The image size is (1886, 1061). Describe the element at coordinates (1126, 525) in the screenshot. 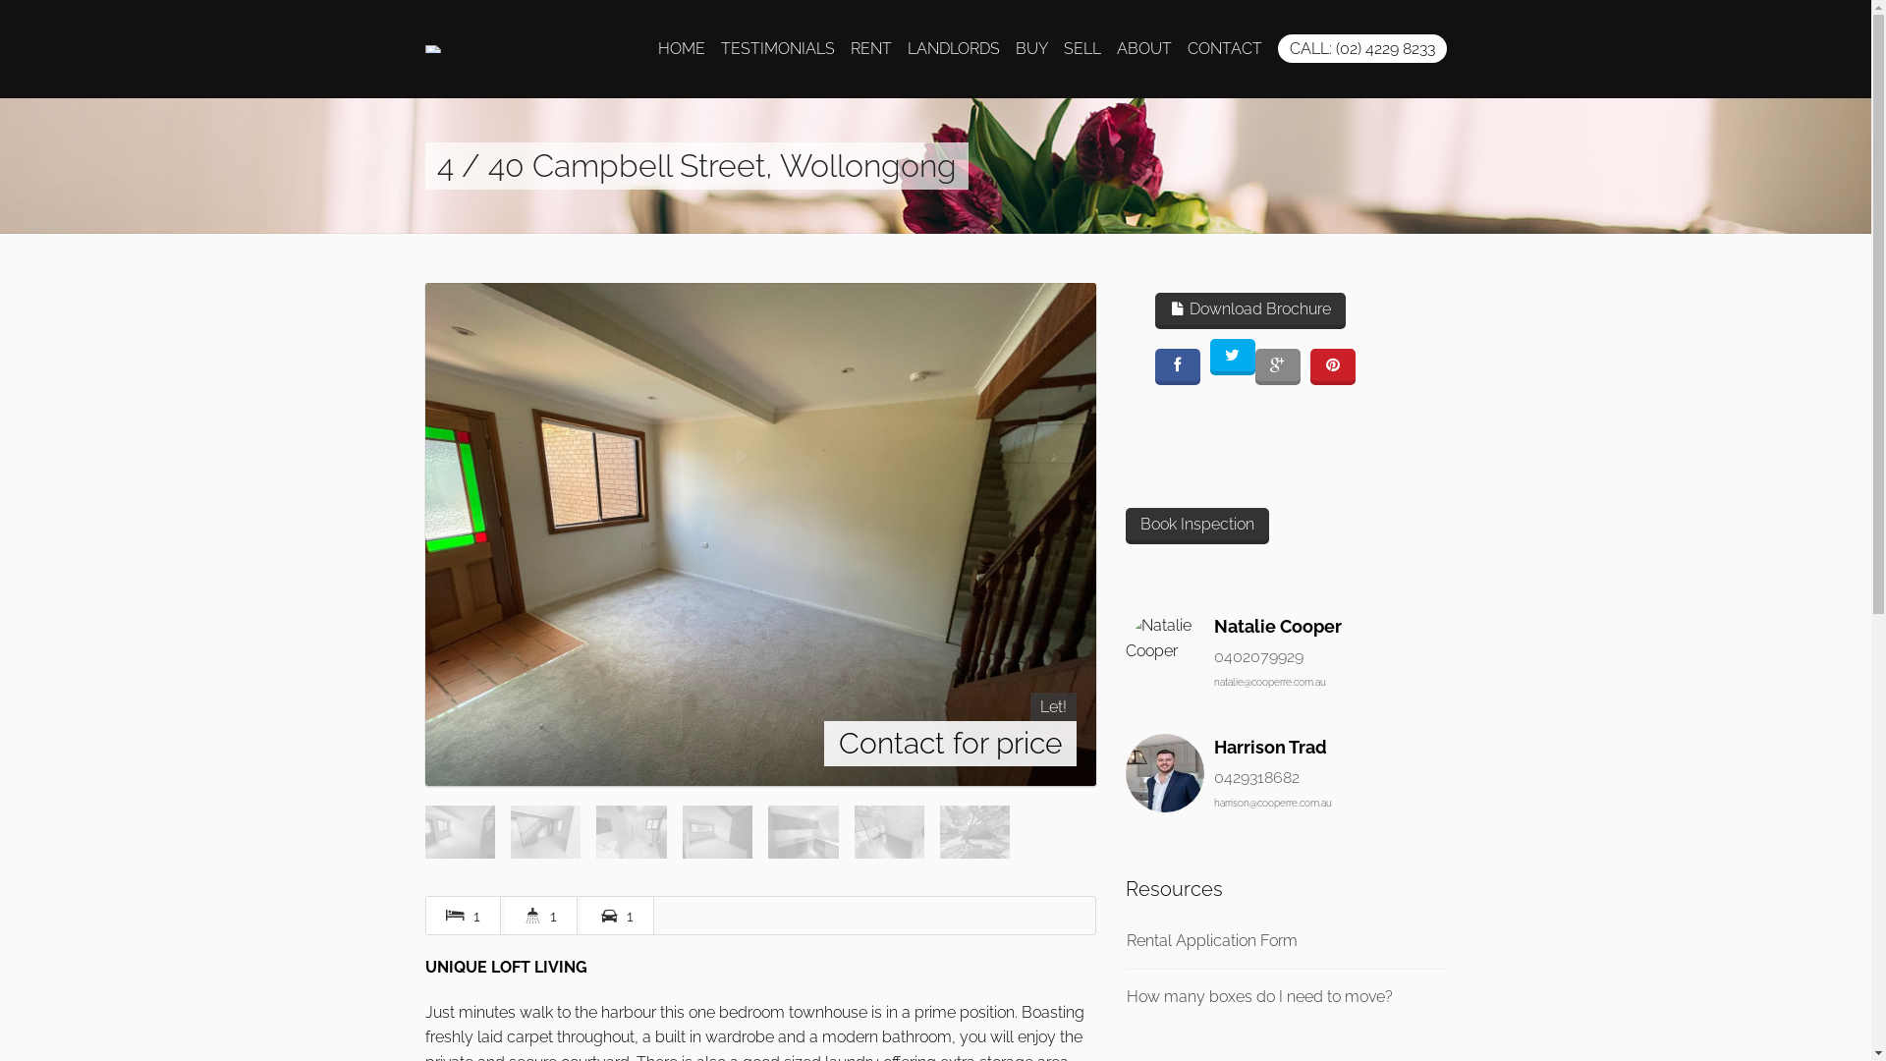

I see `'Book Inspection'` at that location.